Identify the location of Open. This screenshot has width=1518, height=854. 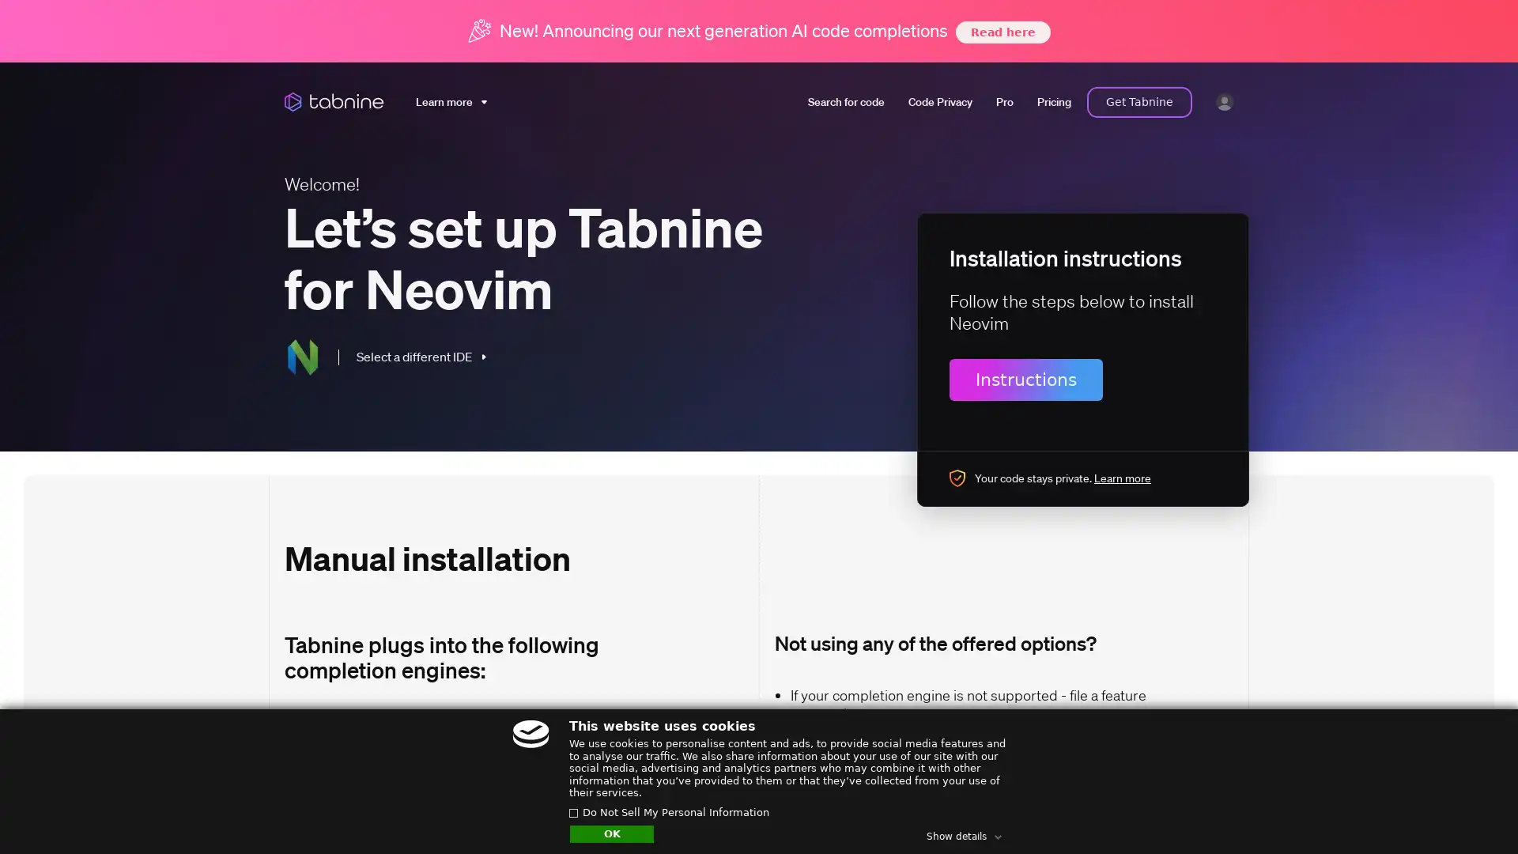
(1471, 811).